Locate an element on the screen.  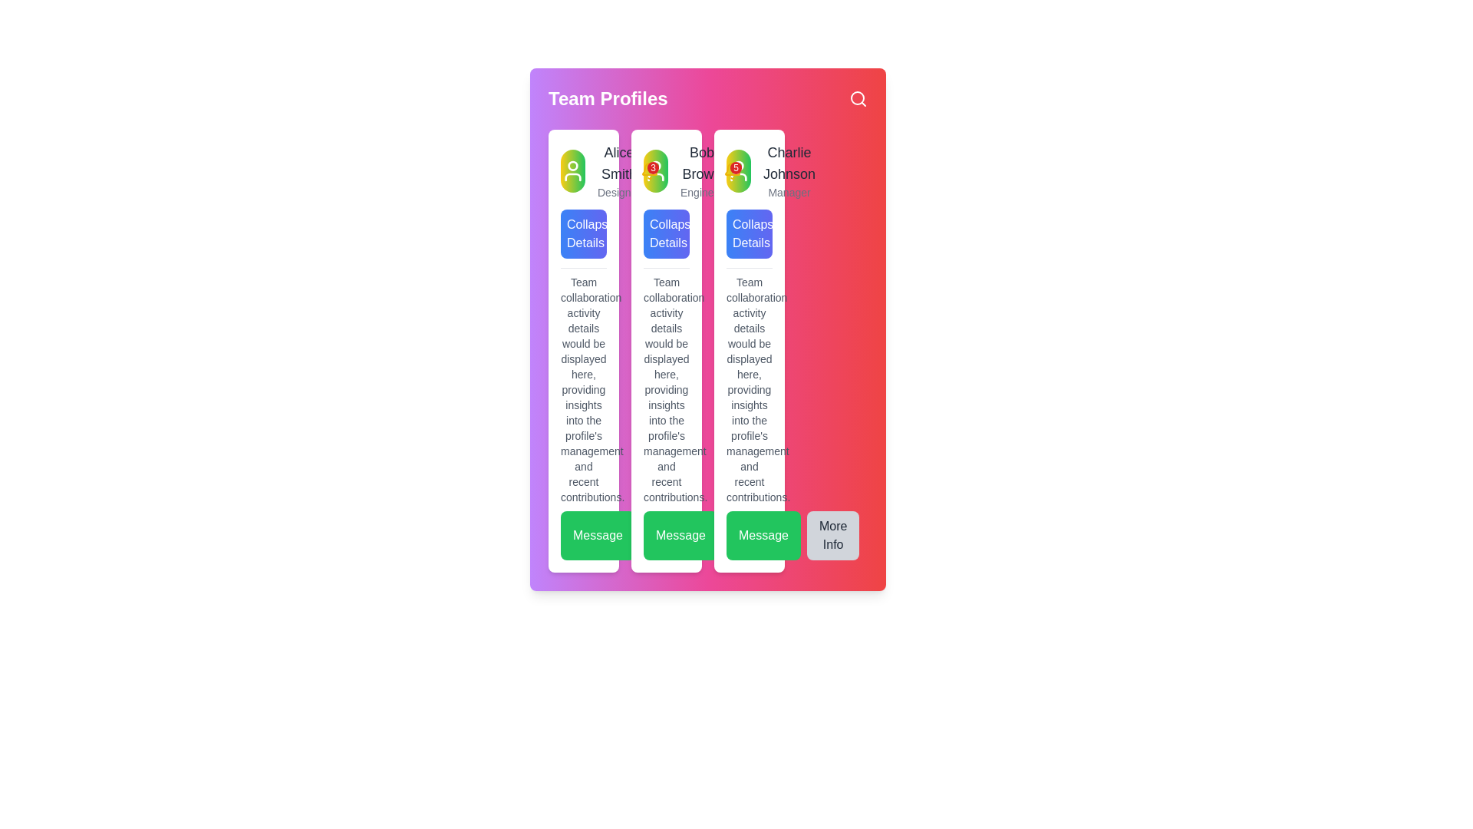
the 'More Info' button located to the right of the 'Message' button in the bottom right corner of the team member's profile card to receive additional information is located at coordinates (832, 535).